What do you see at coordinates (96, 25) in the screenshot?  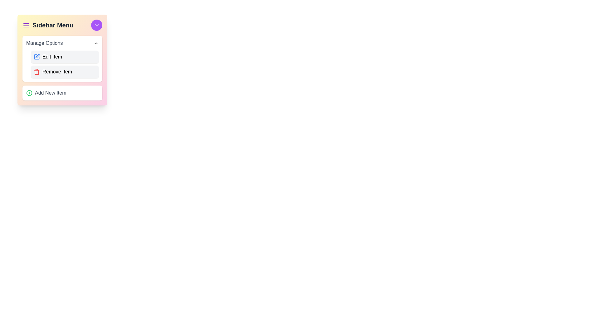 I see `the downward chevron icon inside the purple circular button at the top-right corner of the sidebar menu` at bounding box center [96, 25].